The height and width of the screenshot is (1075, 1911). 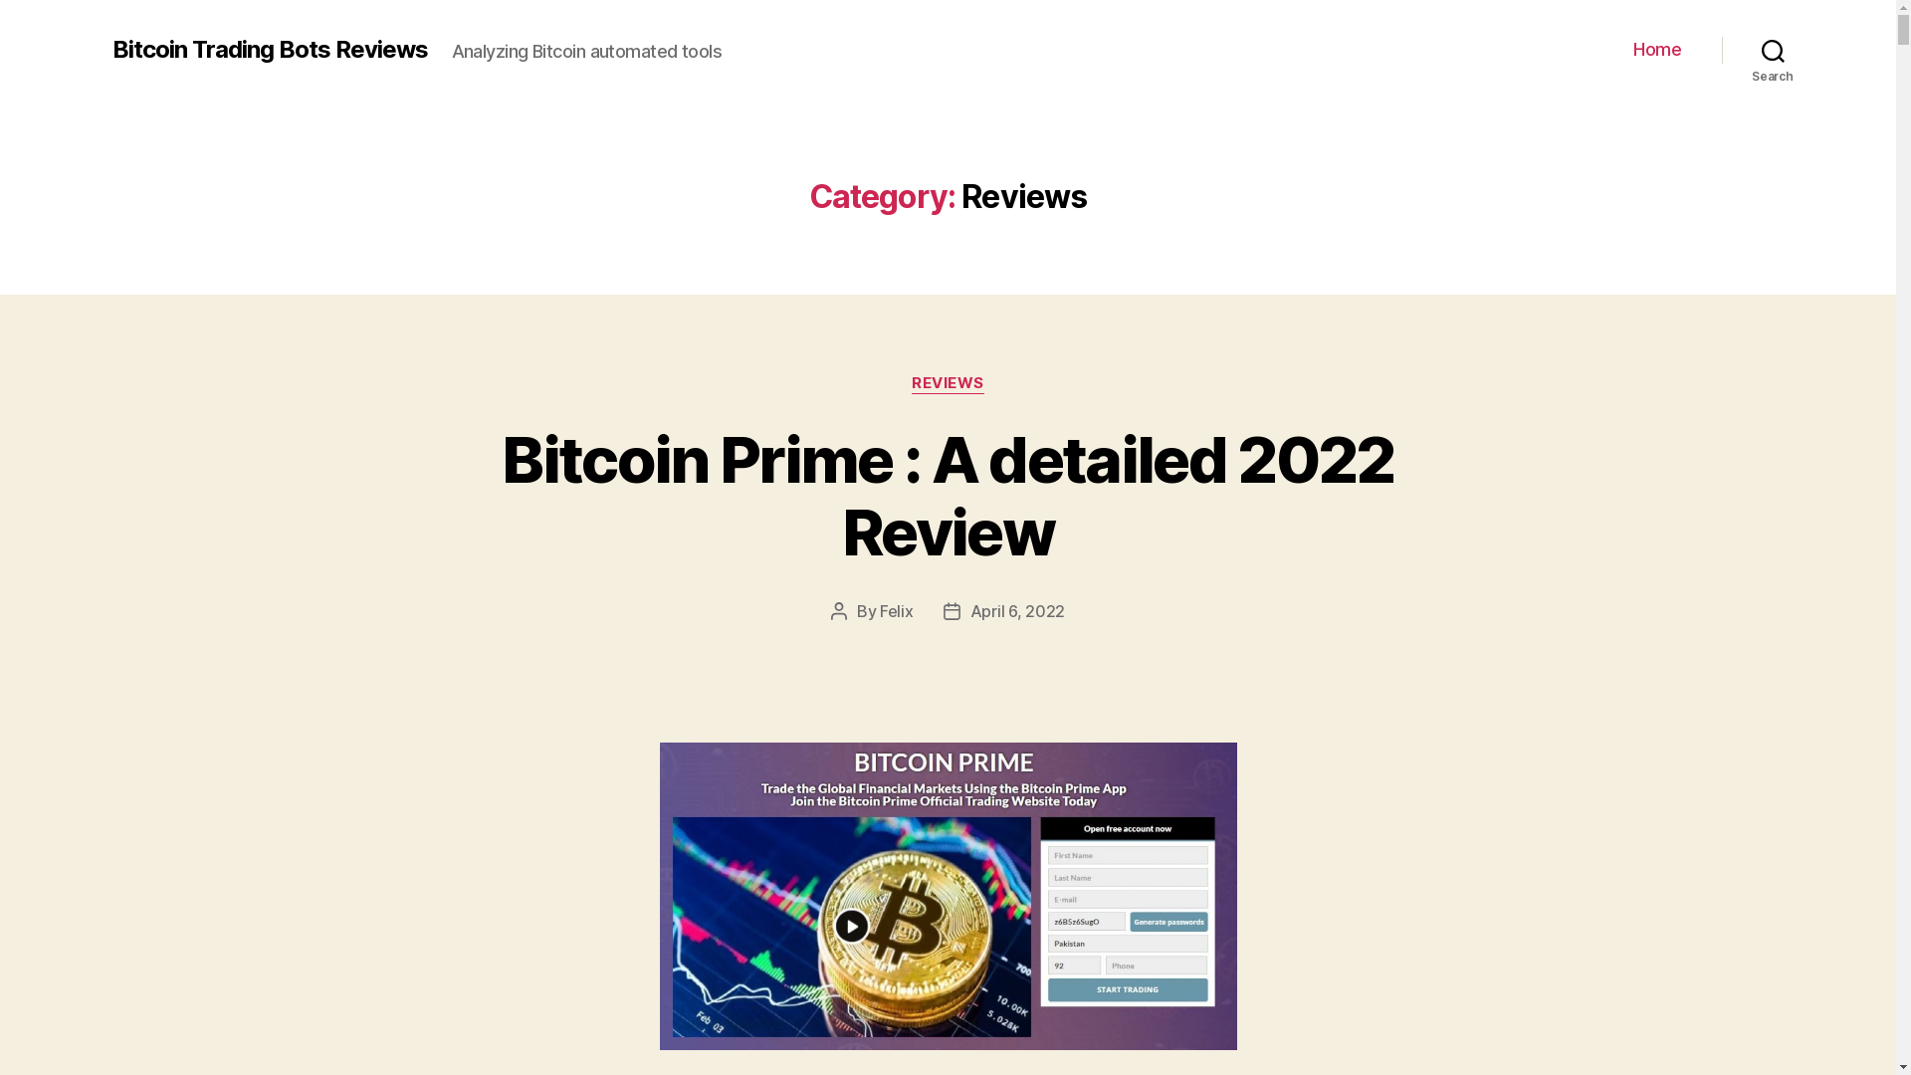 What do you see at coordinates (1017, 609) in the screenshot?
I see `'April 6, 2022'` at bounding box center [1017, 609].